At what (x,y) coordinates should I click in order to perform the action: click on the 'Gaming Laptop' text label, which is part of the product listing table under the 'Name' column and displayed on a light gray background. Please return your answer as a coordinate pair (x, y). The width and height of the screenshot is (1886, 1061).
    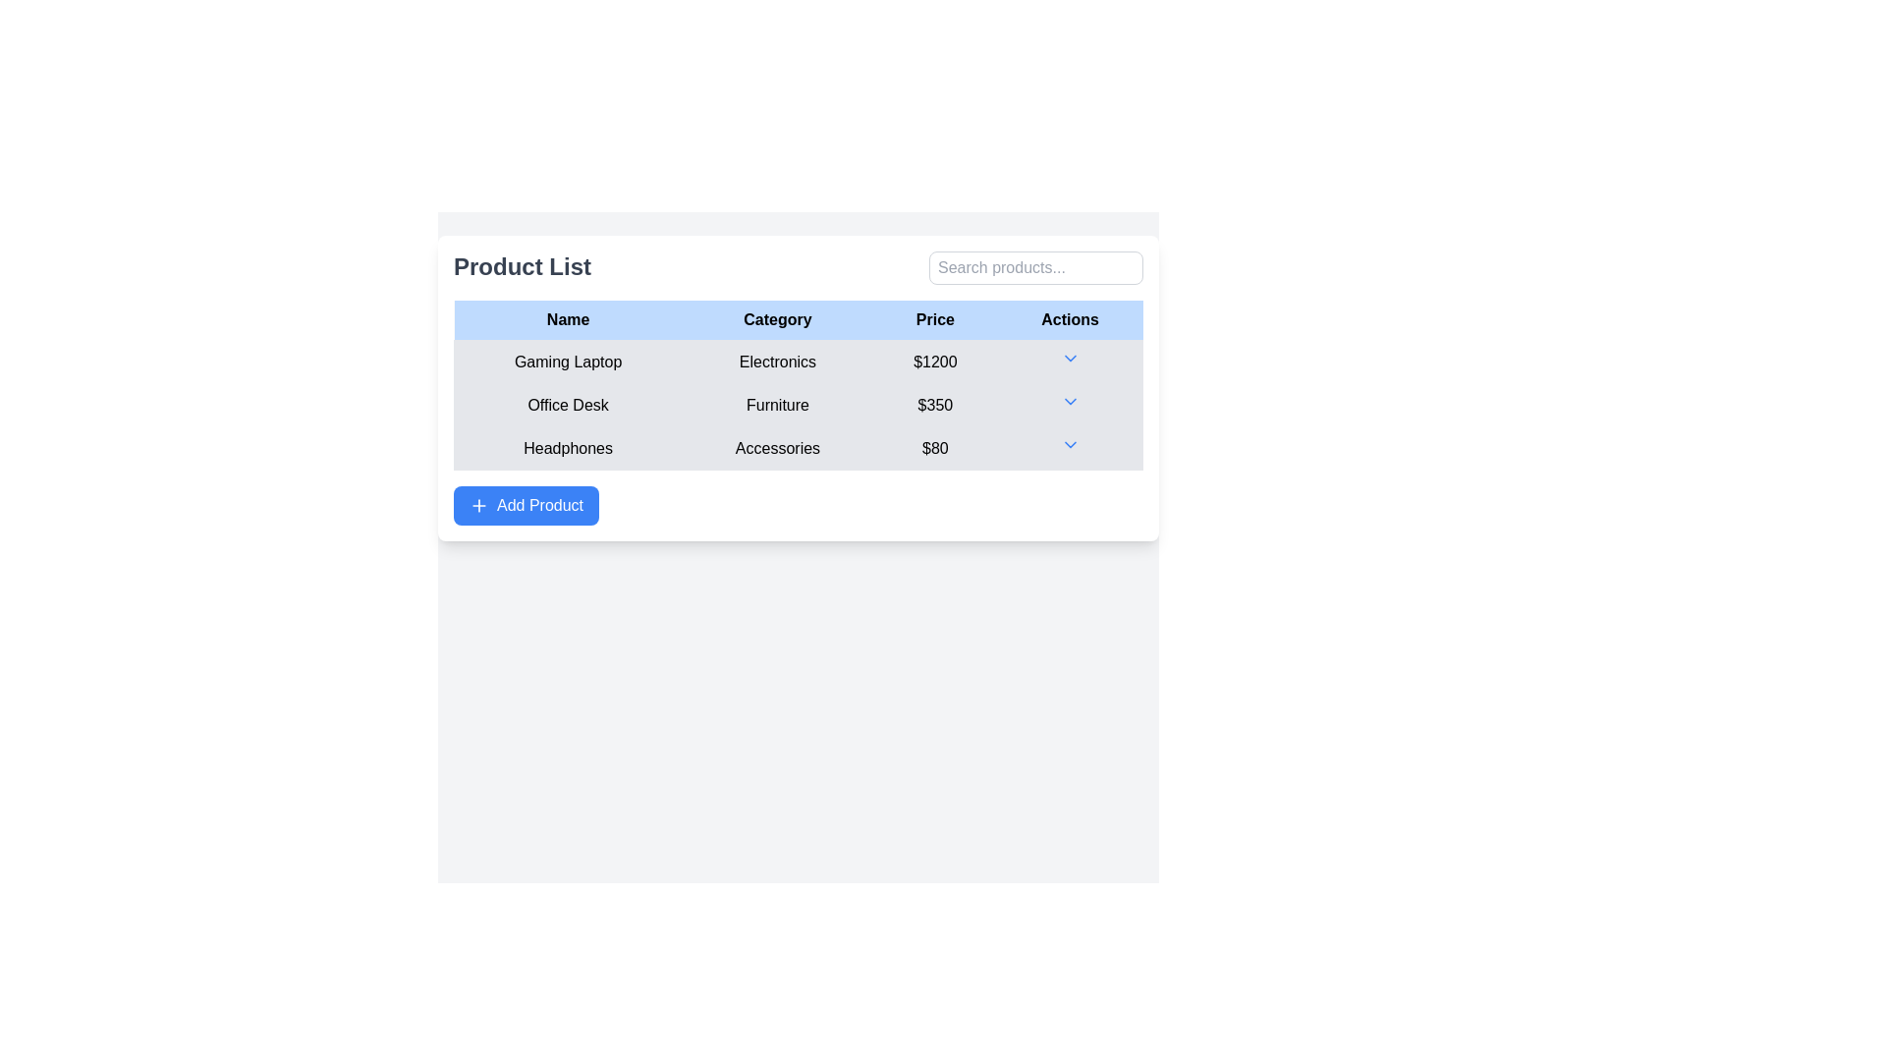
    Looking at the image, I should click on (567, 362).